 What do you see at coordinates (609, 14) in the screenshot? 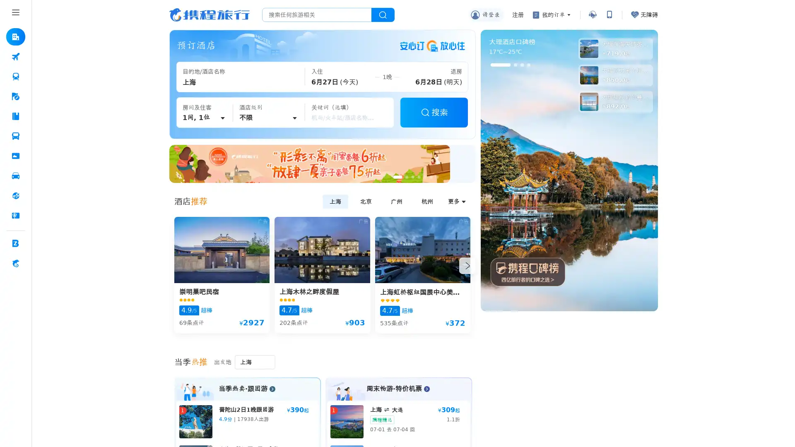
I see `App` at bounding box center [609, 14].